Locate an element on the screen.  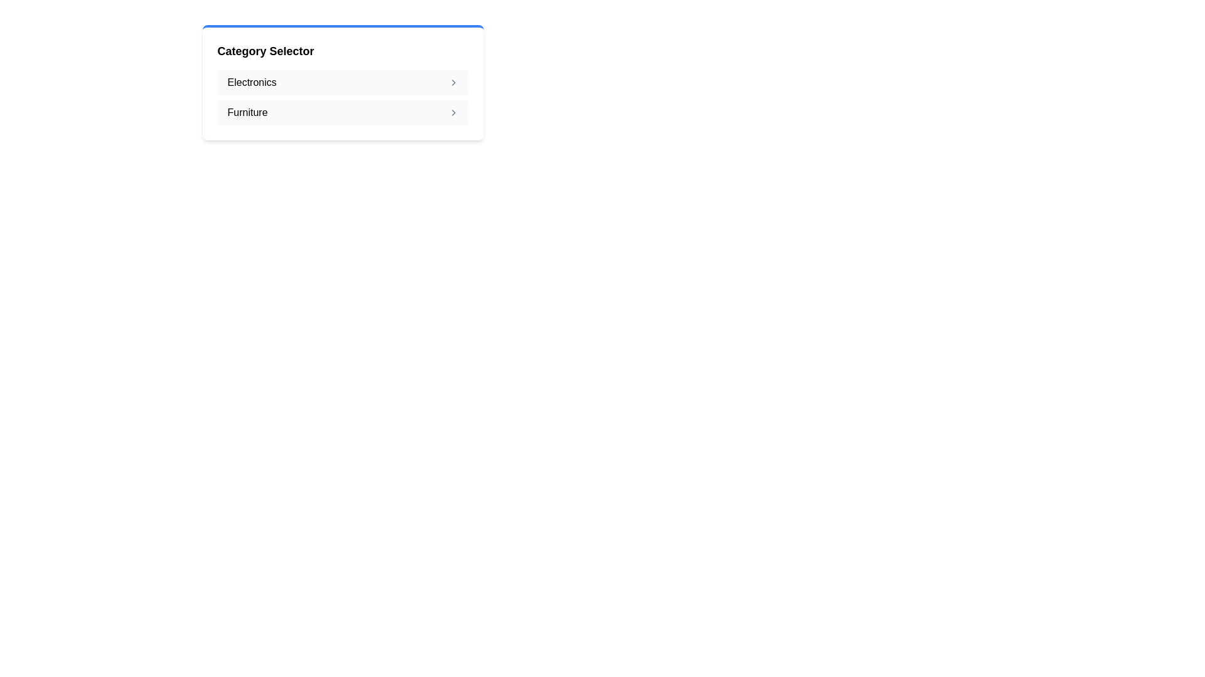
the rightward-pointing gray chevron icon located at the right end of the 'Electronics' row within the modal for accessibility is located at coordinates (453, 82).